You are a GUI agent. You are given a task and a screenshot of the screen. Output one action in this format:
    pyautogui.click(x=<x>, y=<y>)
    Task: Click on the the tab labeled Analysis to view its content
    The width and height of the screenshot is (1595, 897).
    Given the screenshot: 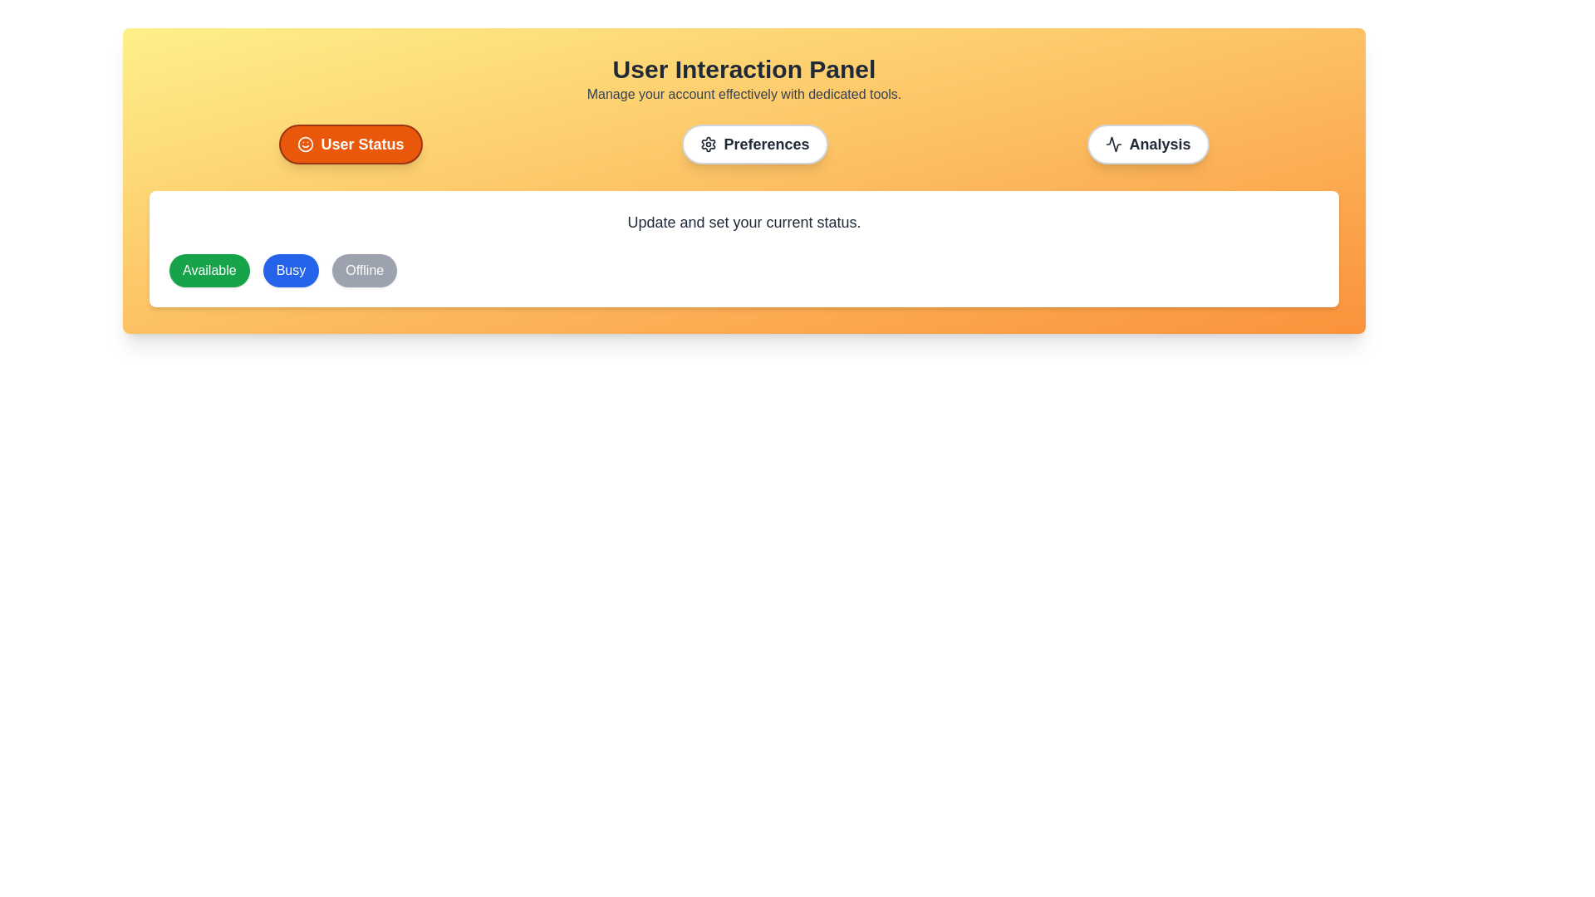 What is the action you would take?
    pyautogui.click(x=1147, y=143)
    